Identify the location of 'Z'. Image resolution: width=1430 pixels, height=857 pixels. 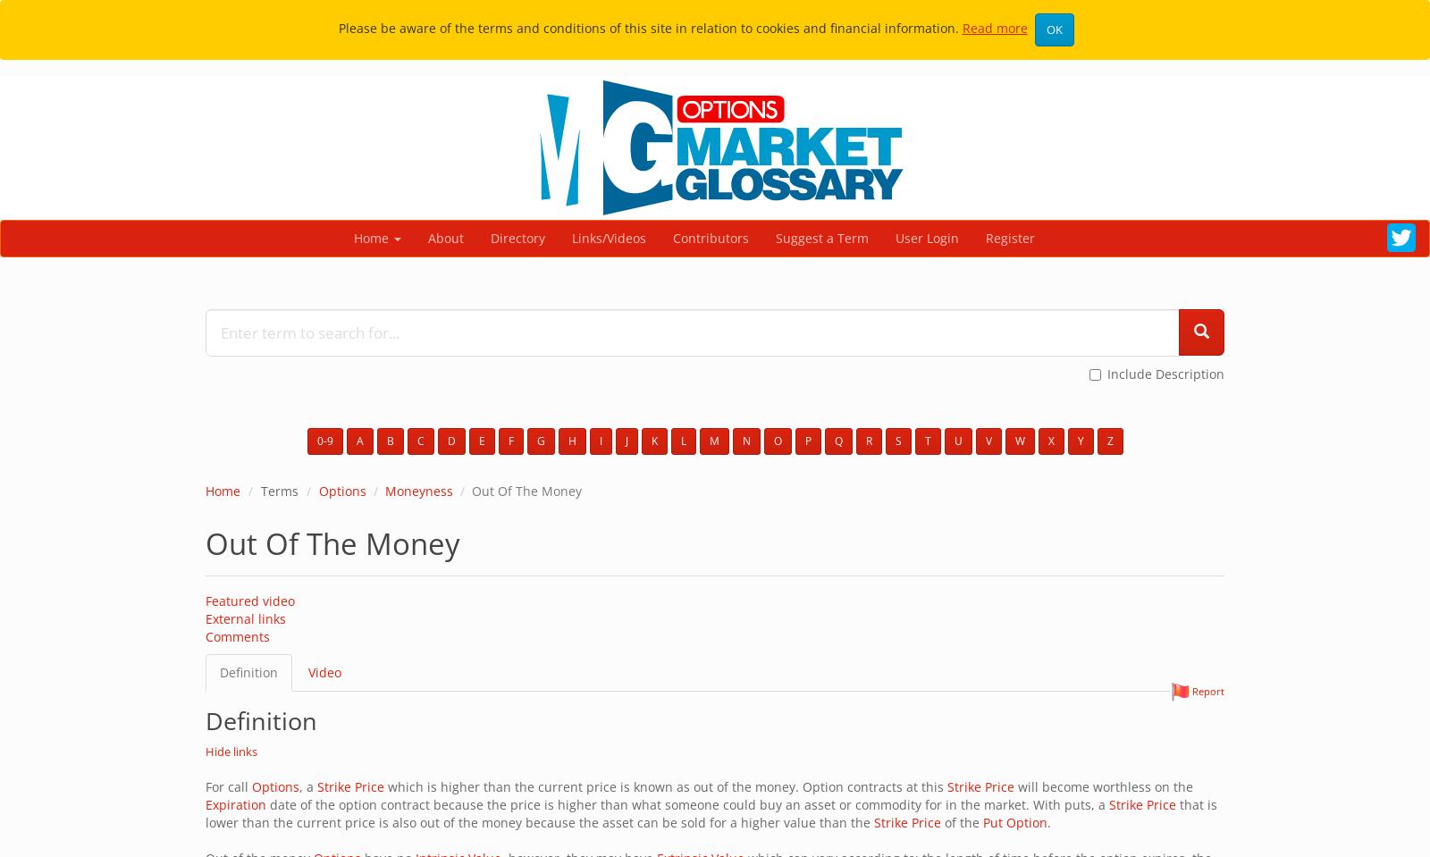
(1108, 440).